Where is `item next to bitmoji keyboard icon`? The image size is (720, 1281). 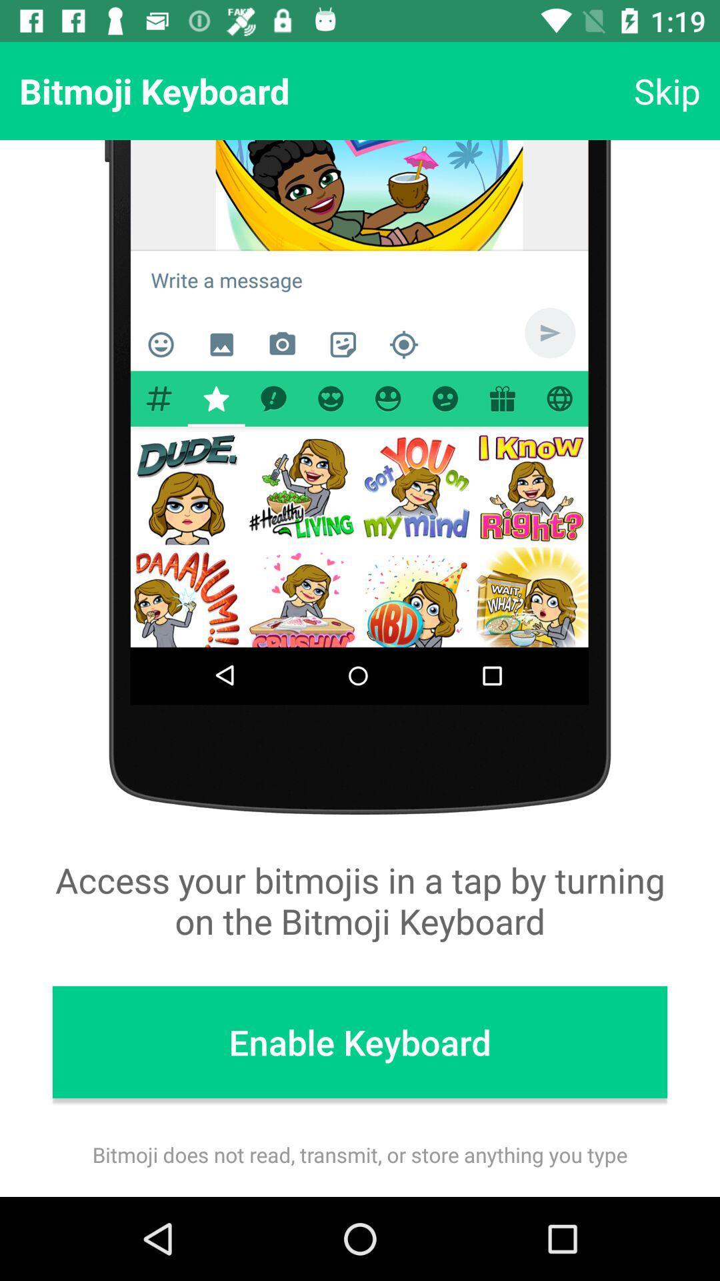 item next to bitmoji keyboard icon is located at coordinates (667, 90).